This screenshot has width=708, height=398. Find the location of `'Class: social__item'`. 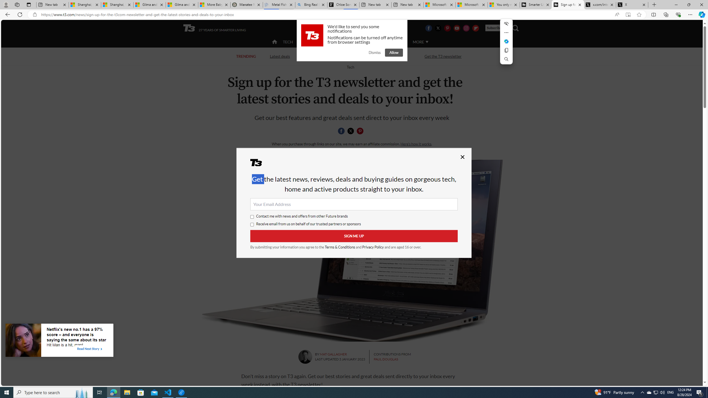

'Class: social__item' is located at coordinates (361, 132).